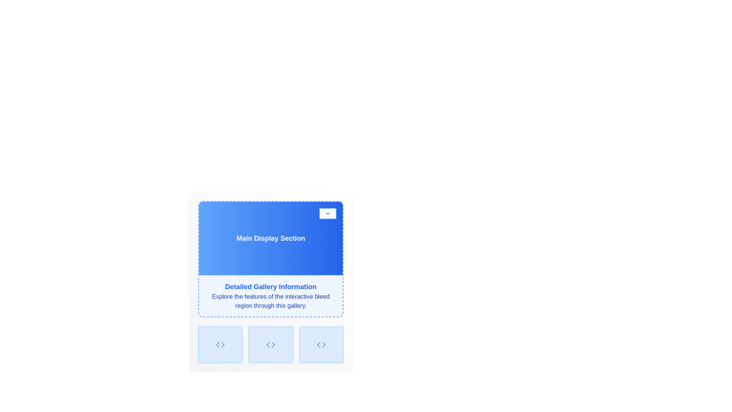  Describe the element at coordinates (217, 344) in the screenshot. I see `the visual representation of the left glyph of the icon, which symbolizes code or brackets, located in the bottom left section of the interface` at that location.